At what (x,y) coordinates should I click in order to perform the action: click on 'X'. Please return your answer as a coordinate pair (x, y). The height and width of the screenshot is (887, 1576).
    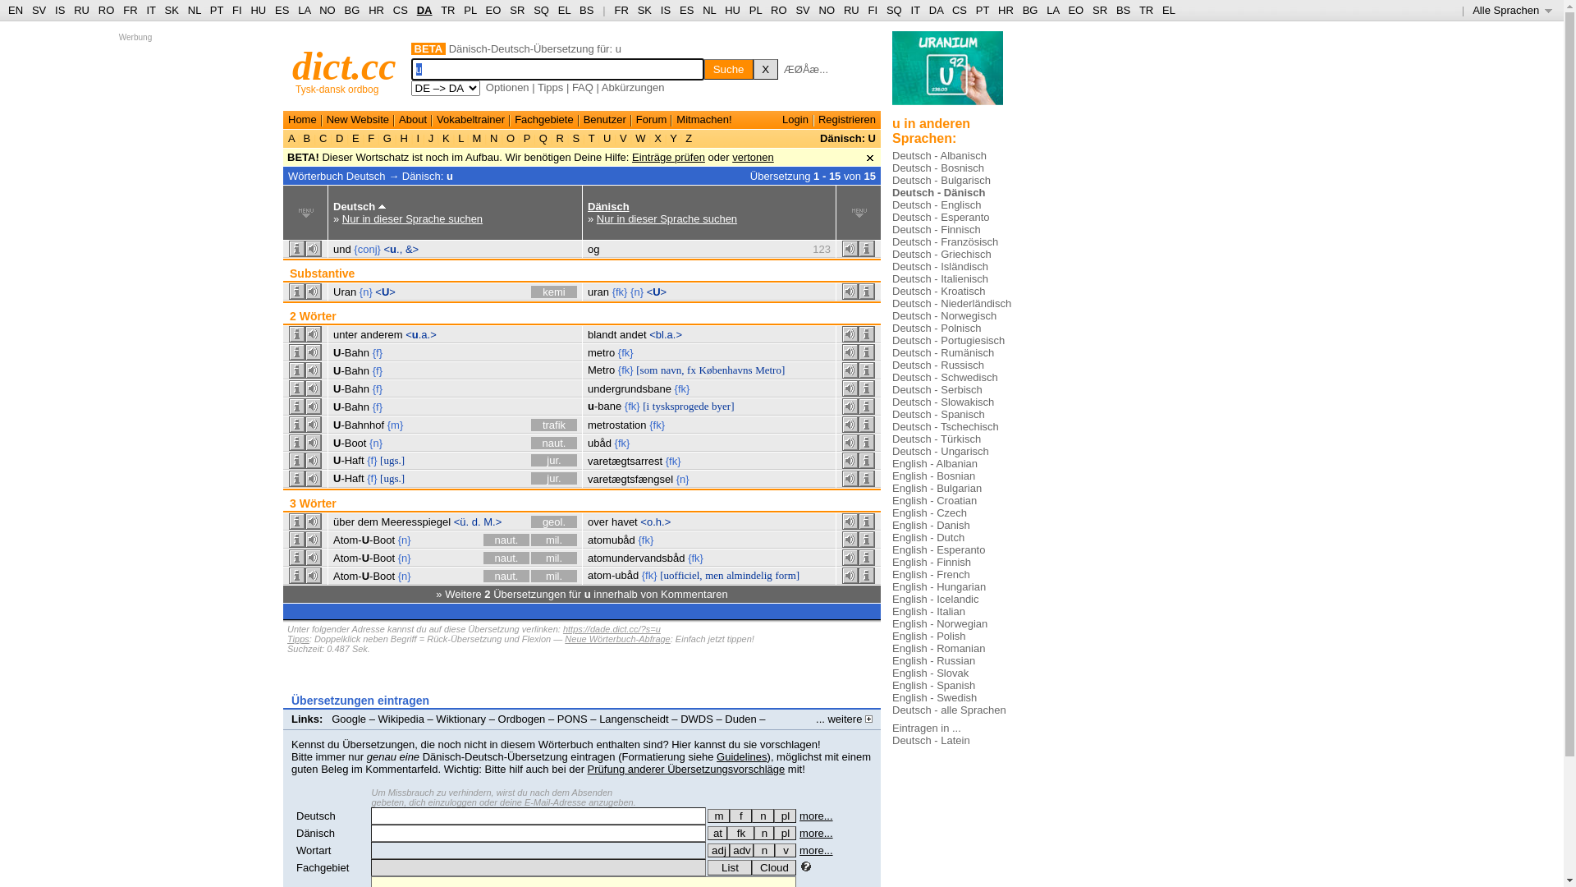
    Looking at the image, I should click on (764, 68).